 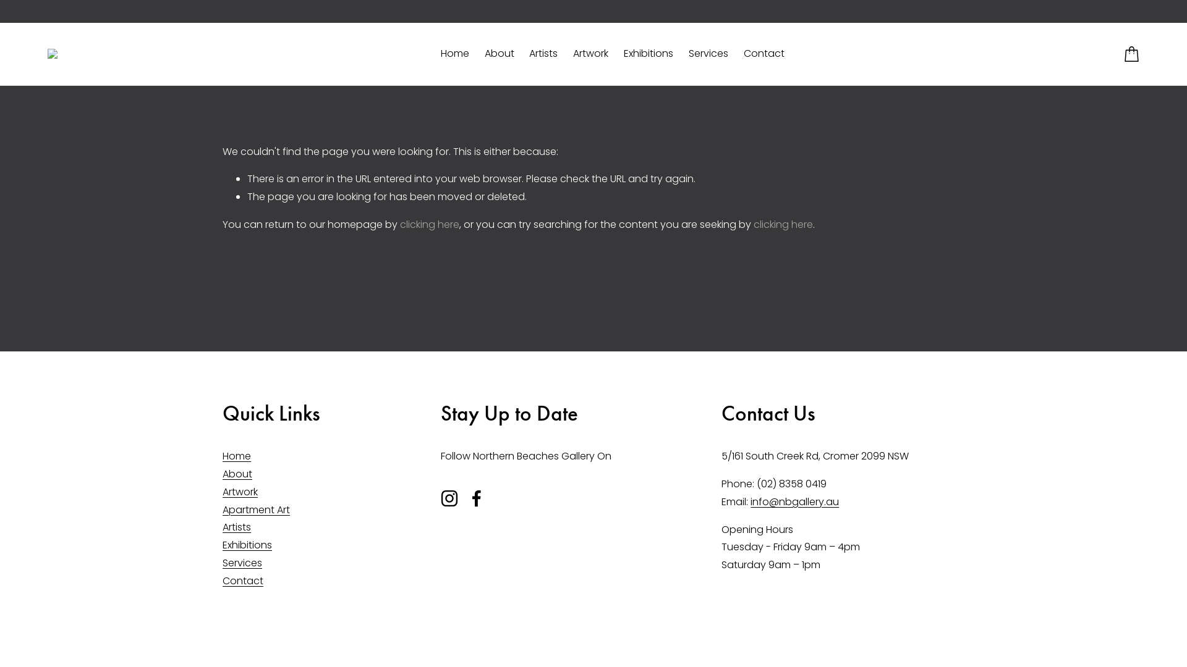 I want to click on 'info@nbgallery.au', so click(x=794, y=502).